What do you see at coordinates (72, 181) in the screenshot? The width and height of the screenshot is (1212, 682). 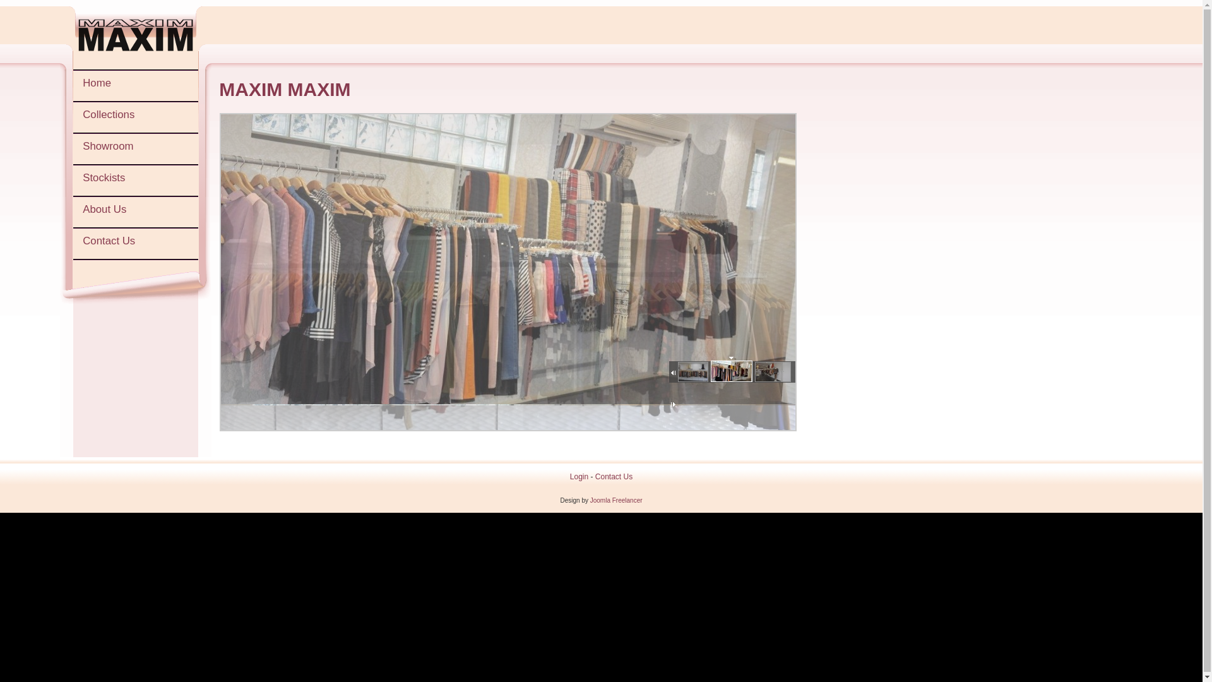 I see `'Stockists'` at bounding box center [72, 181].